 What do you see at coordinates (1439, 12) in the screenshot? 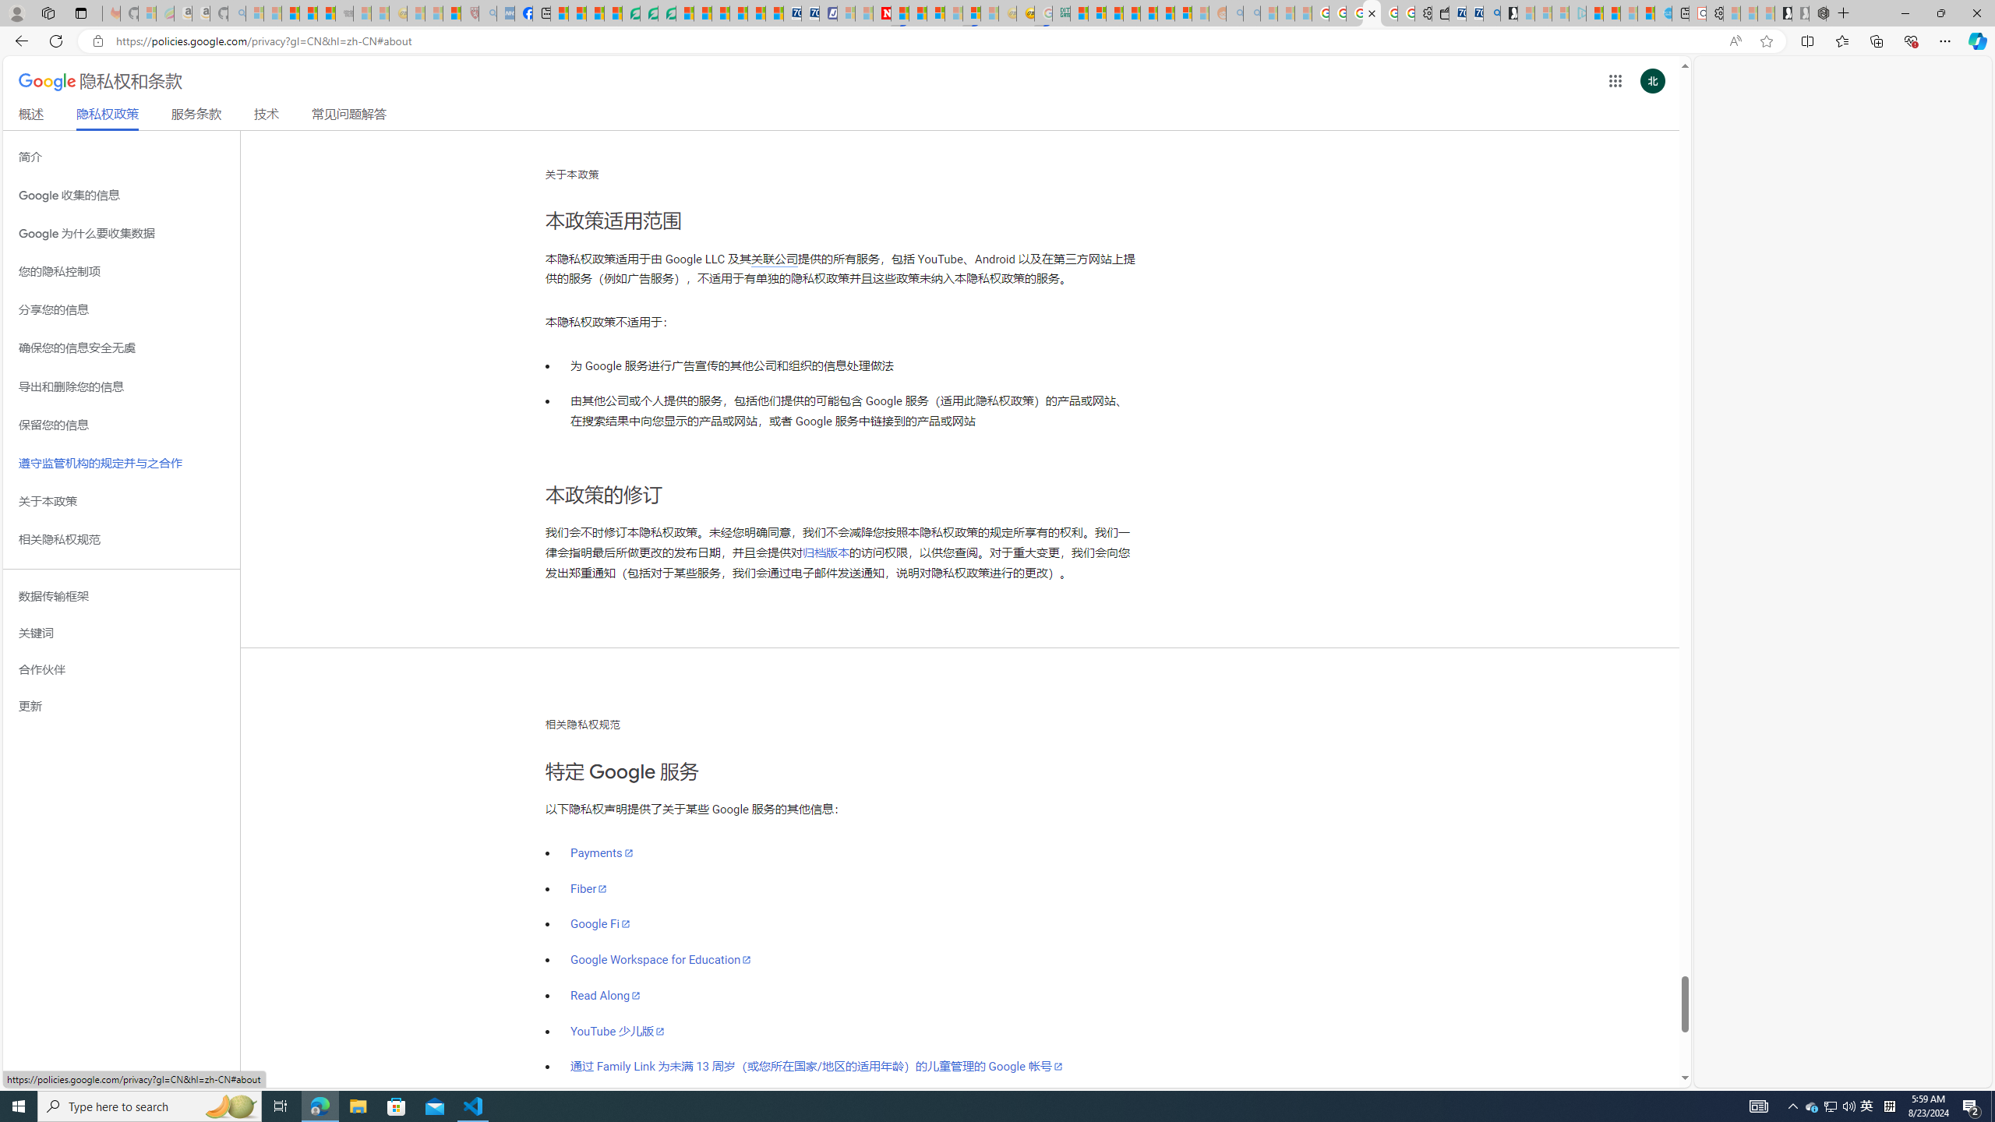
I see `'Wallet'` at bounding box center [1439, 12].